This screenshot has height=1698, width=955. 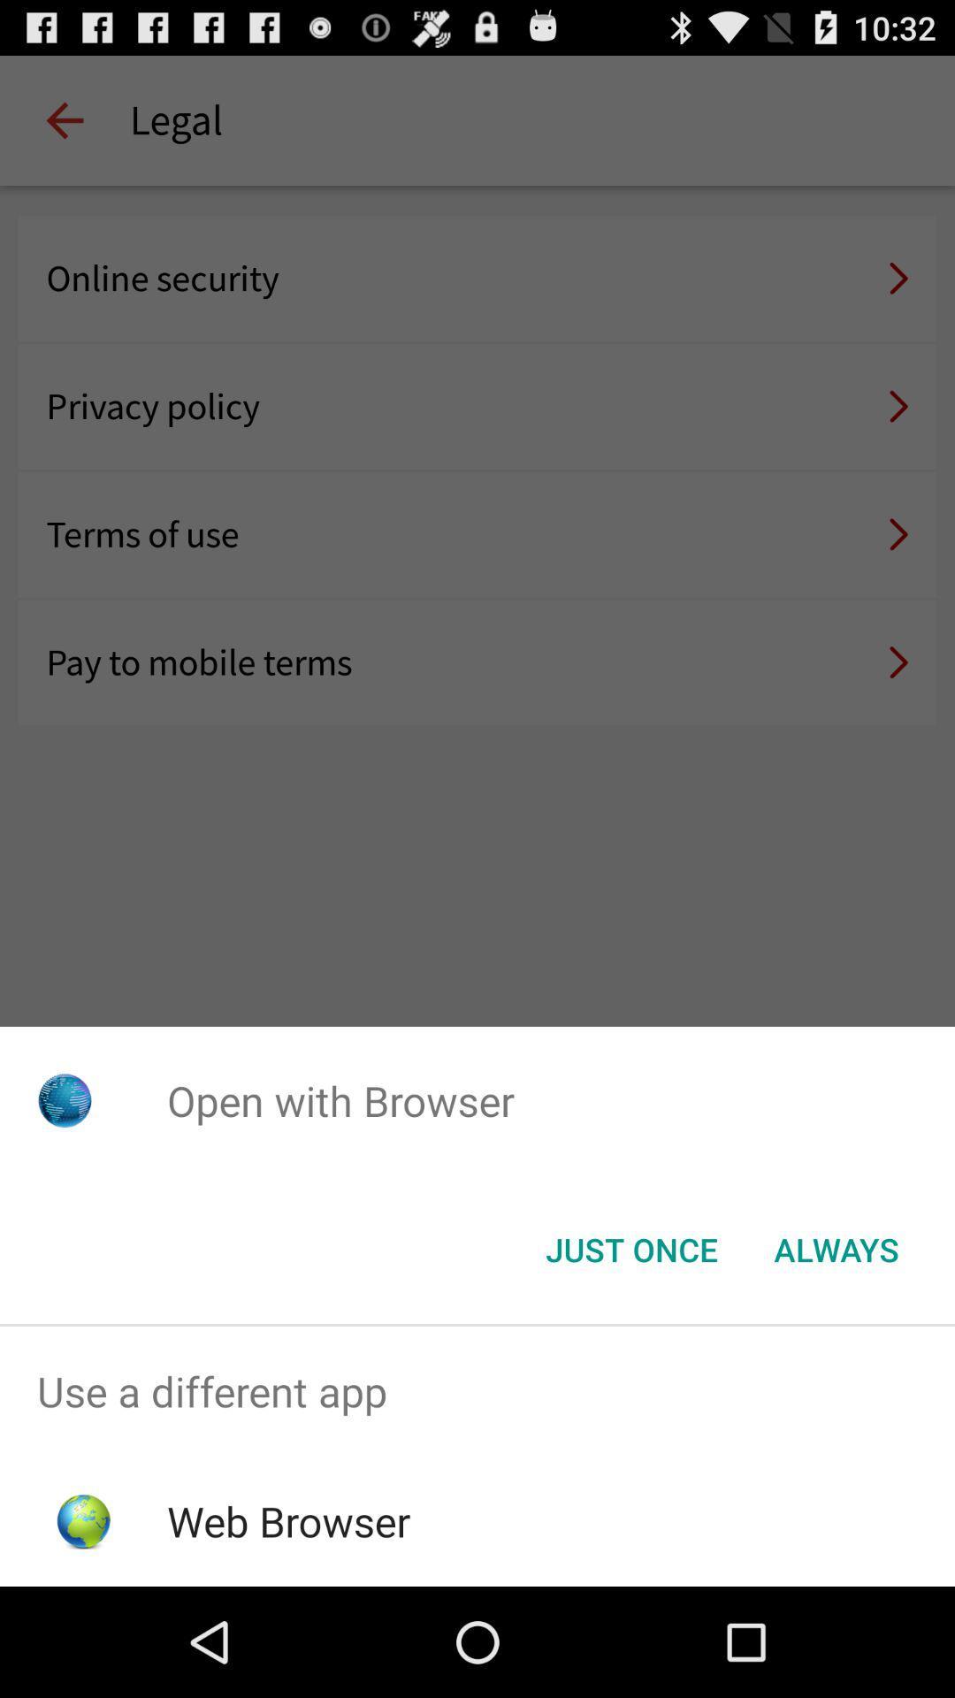 I want to click on item below the use a different app, so click(x=287, y=1520).